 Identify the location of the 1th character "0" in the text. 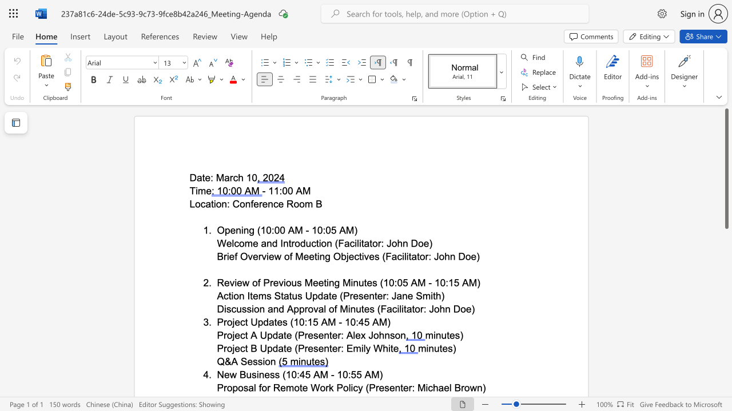
(285, 190).